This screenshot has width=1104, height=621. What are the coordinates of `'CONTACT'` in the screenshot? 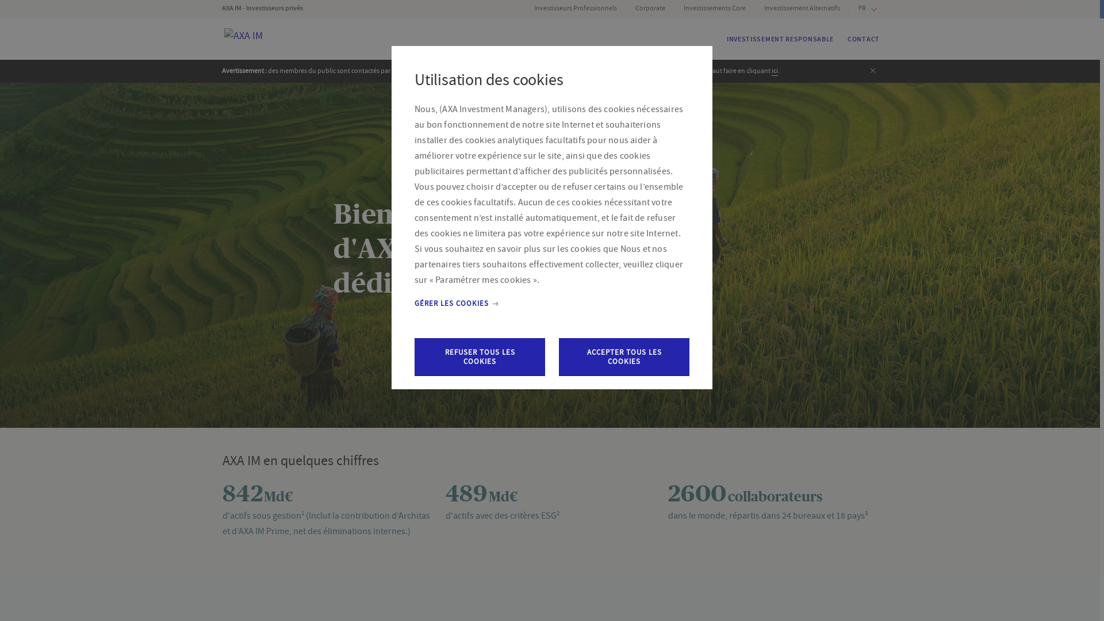 It's located at (864, 39).